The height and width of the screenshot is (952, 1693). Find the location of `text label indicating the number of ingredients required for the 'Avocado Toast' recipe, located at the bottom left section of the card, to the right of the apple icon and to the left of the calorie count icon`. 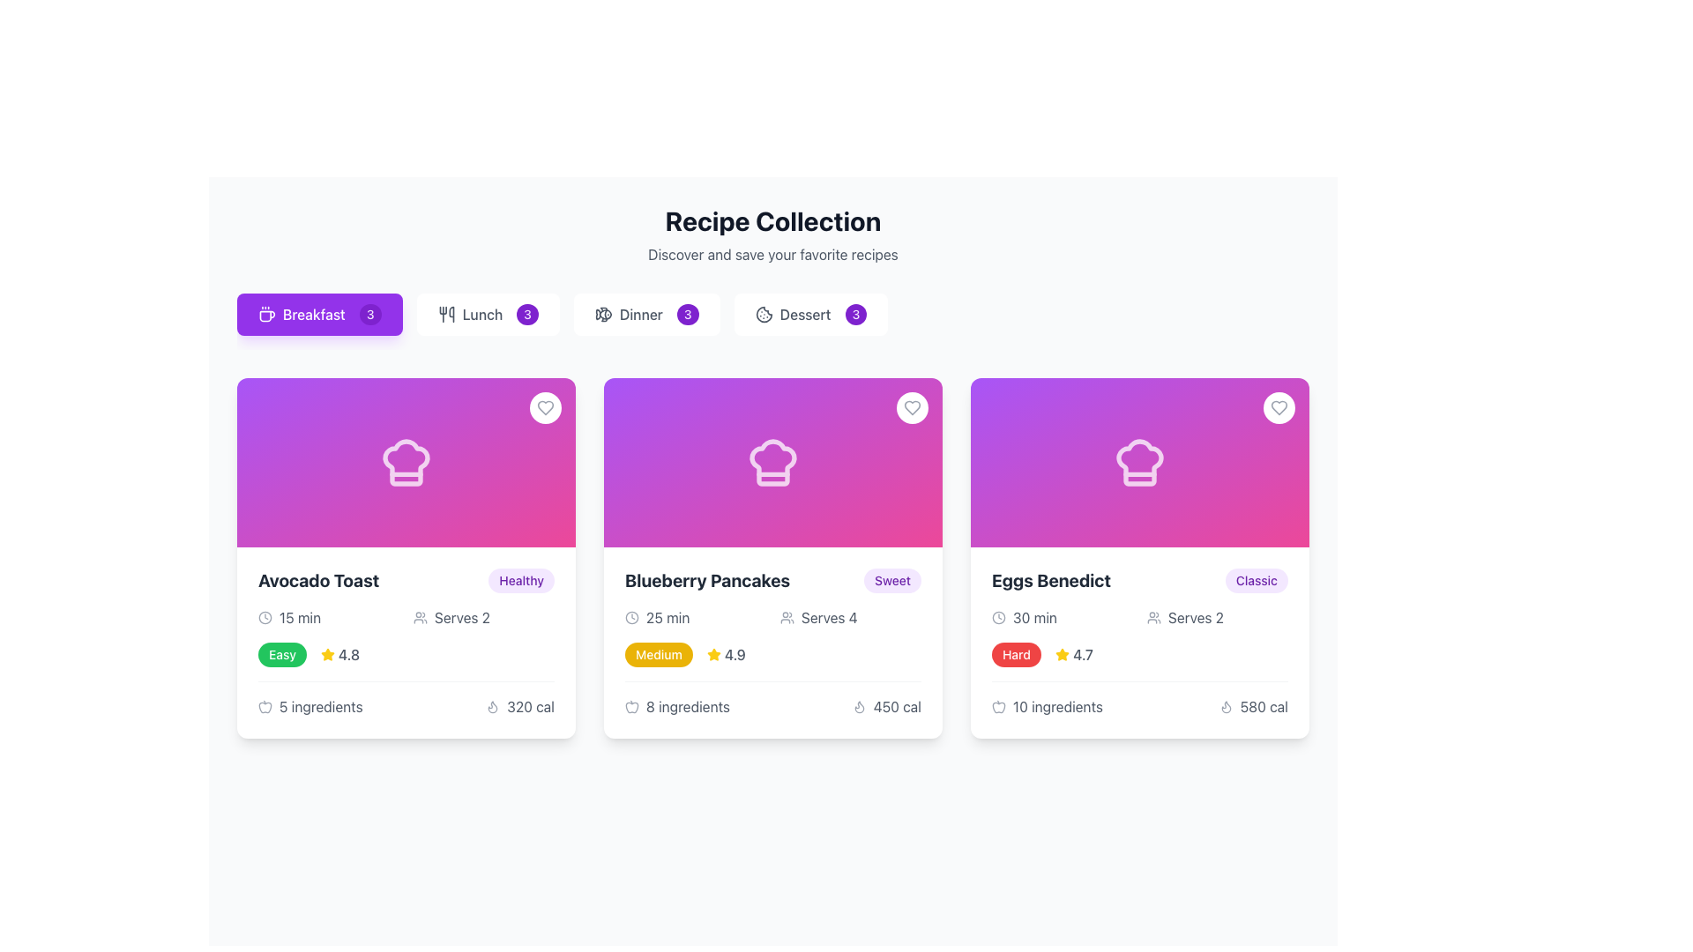

text label indicating the number of ingredients required for the 'Avocado Toast' recipe, located at the bottom left section of the card, to the right of the apple icon and to the left of the calorie count icon is located at coordinates (321, 706).